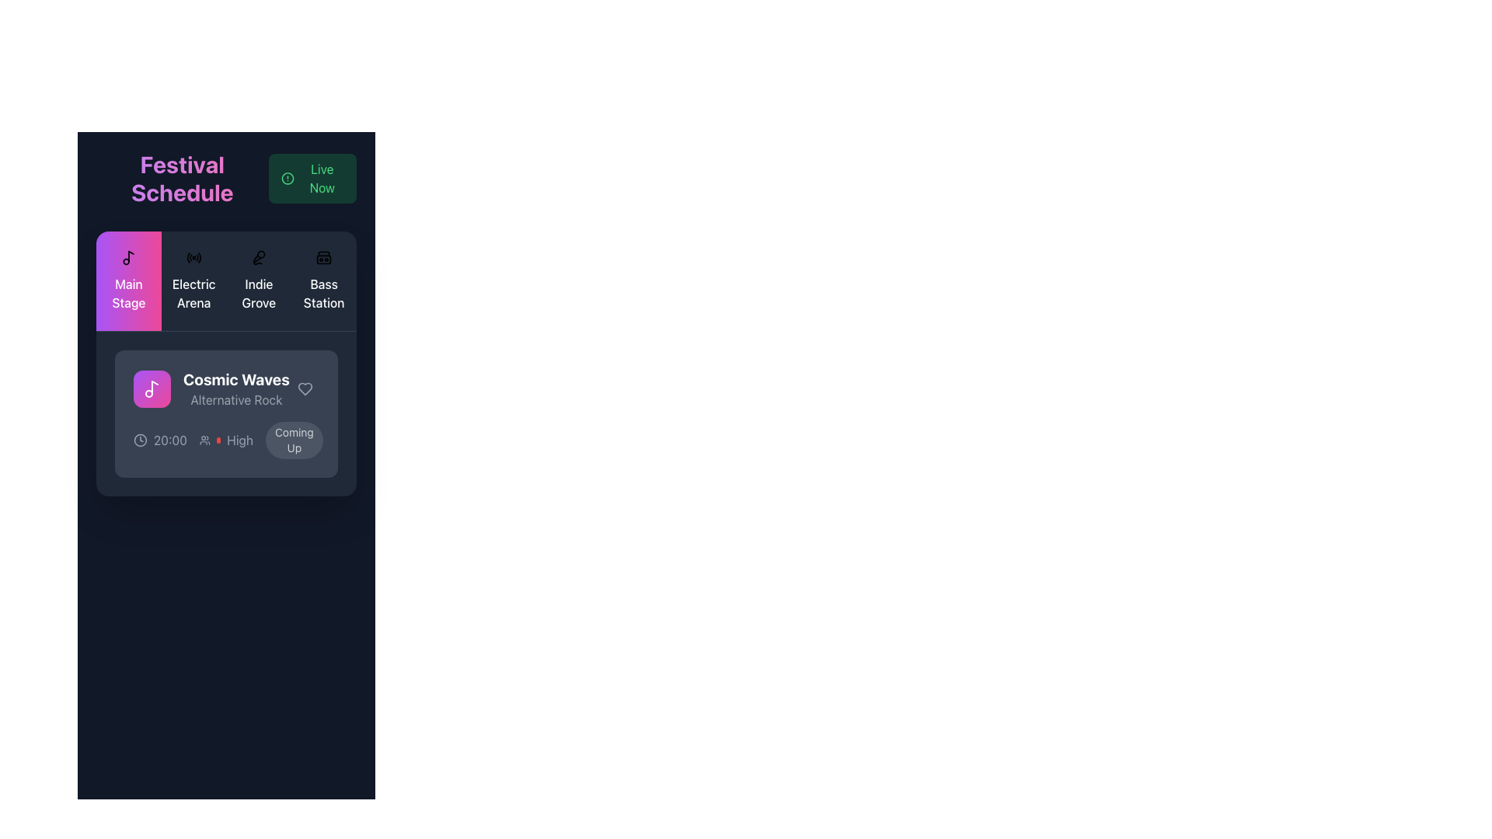  What do you see at coordinates (155, 386) in the screenshot?
I see `the stylized music note vector graphic located in the 'Main Stage' tab, positioned to the right of the note head circular element` at bounding box center [155, 386].